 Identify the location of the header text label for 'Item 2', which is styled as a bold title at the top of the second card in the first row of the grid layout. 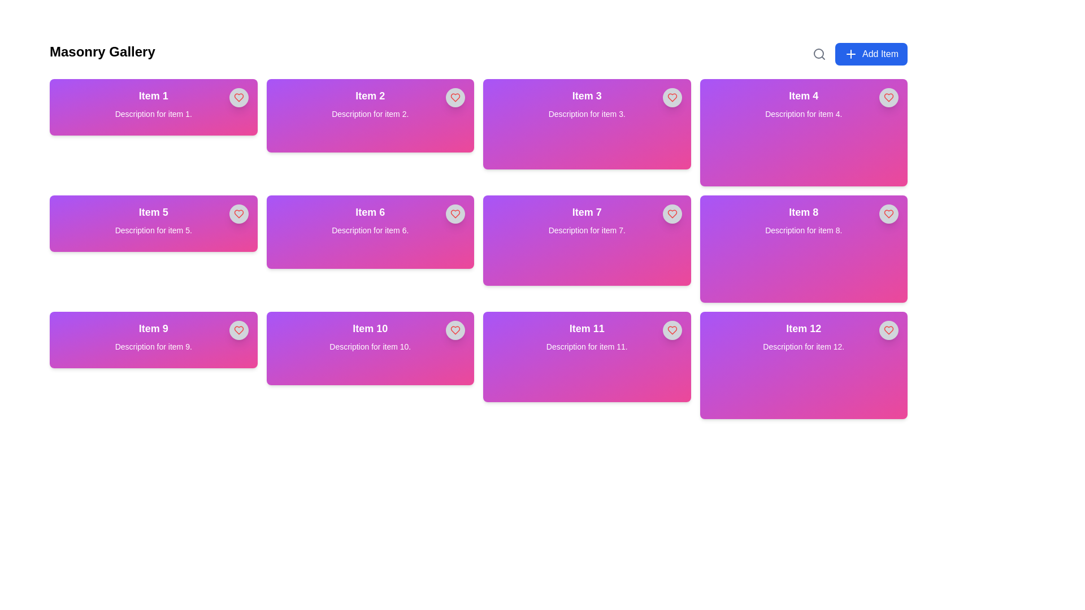
(370, 95).